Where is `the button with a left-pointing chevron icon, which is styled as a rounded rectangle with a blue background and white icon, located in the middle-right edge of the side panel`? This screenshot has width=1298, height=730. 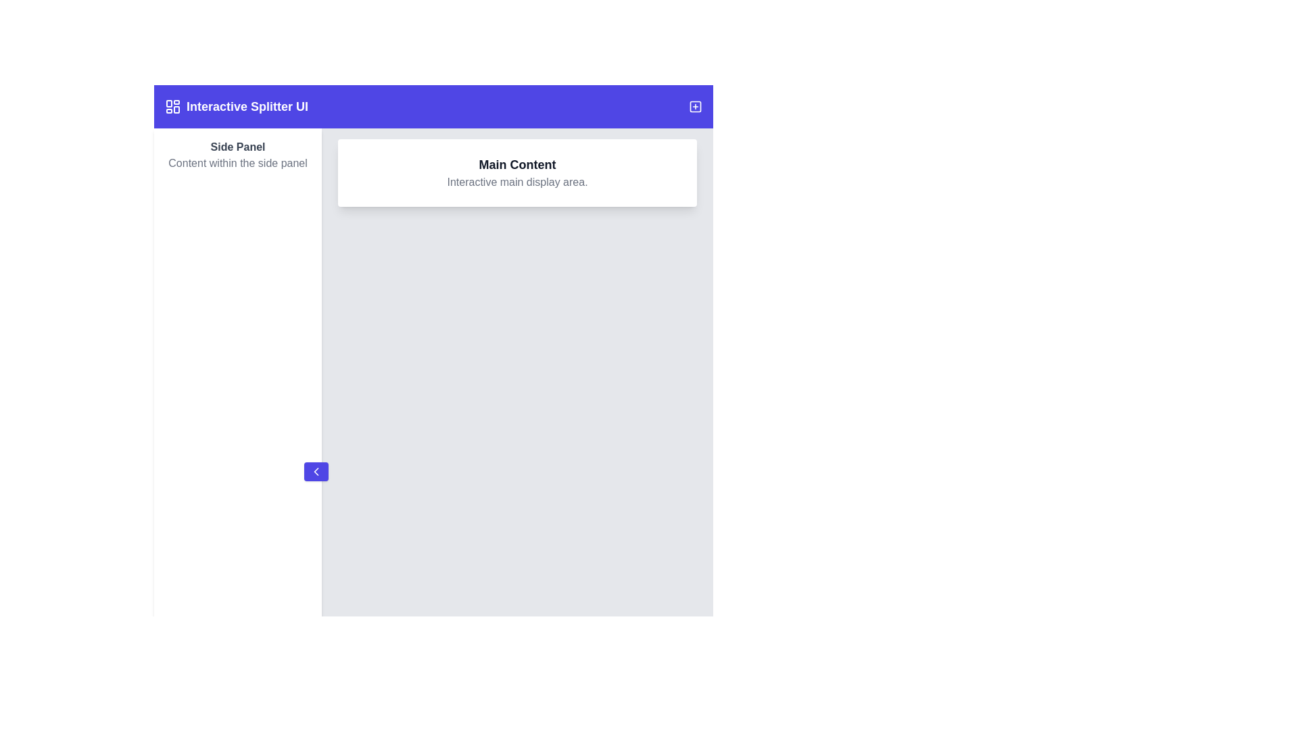
the button with a left-pointing chevron icon, which is styled as a rounded rectangle with a blue background and white icon, located in the middle-right edge of the side panel is located at coordinates (316, 471).